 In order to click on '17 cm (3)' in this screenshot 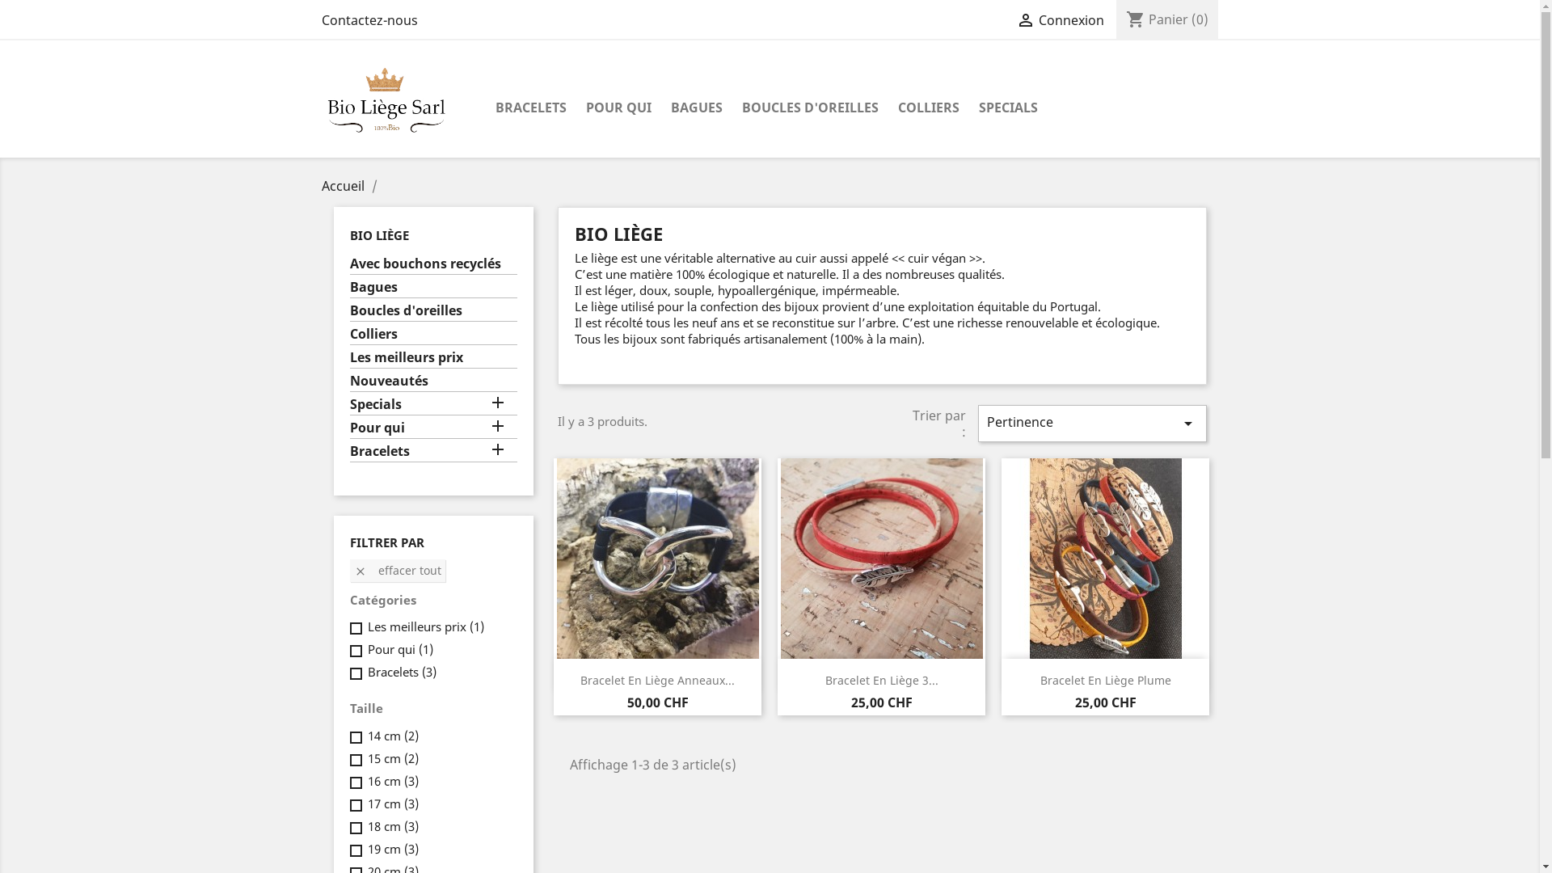, I will do `click(392, 803)`.